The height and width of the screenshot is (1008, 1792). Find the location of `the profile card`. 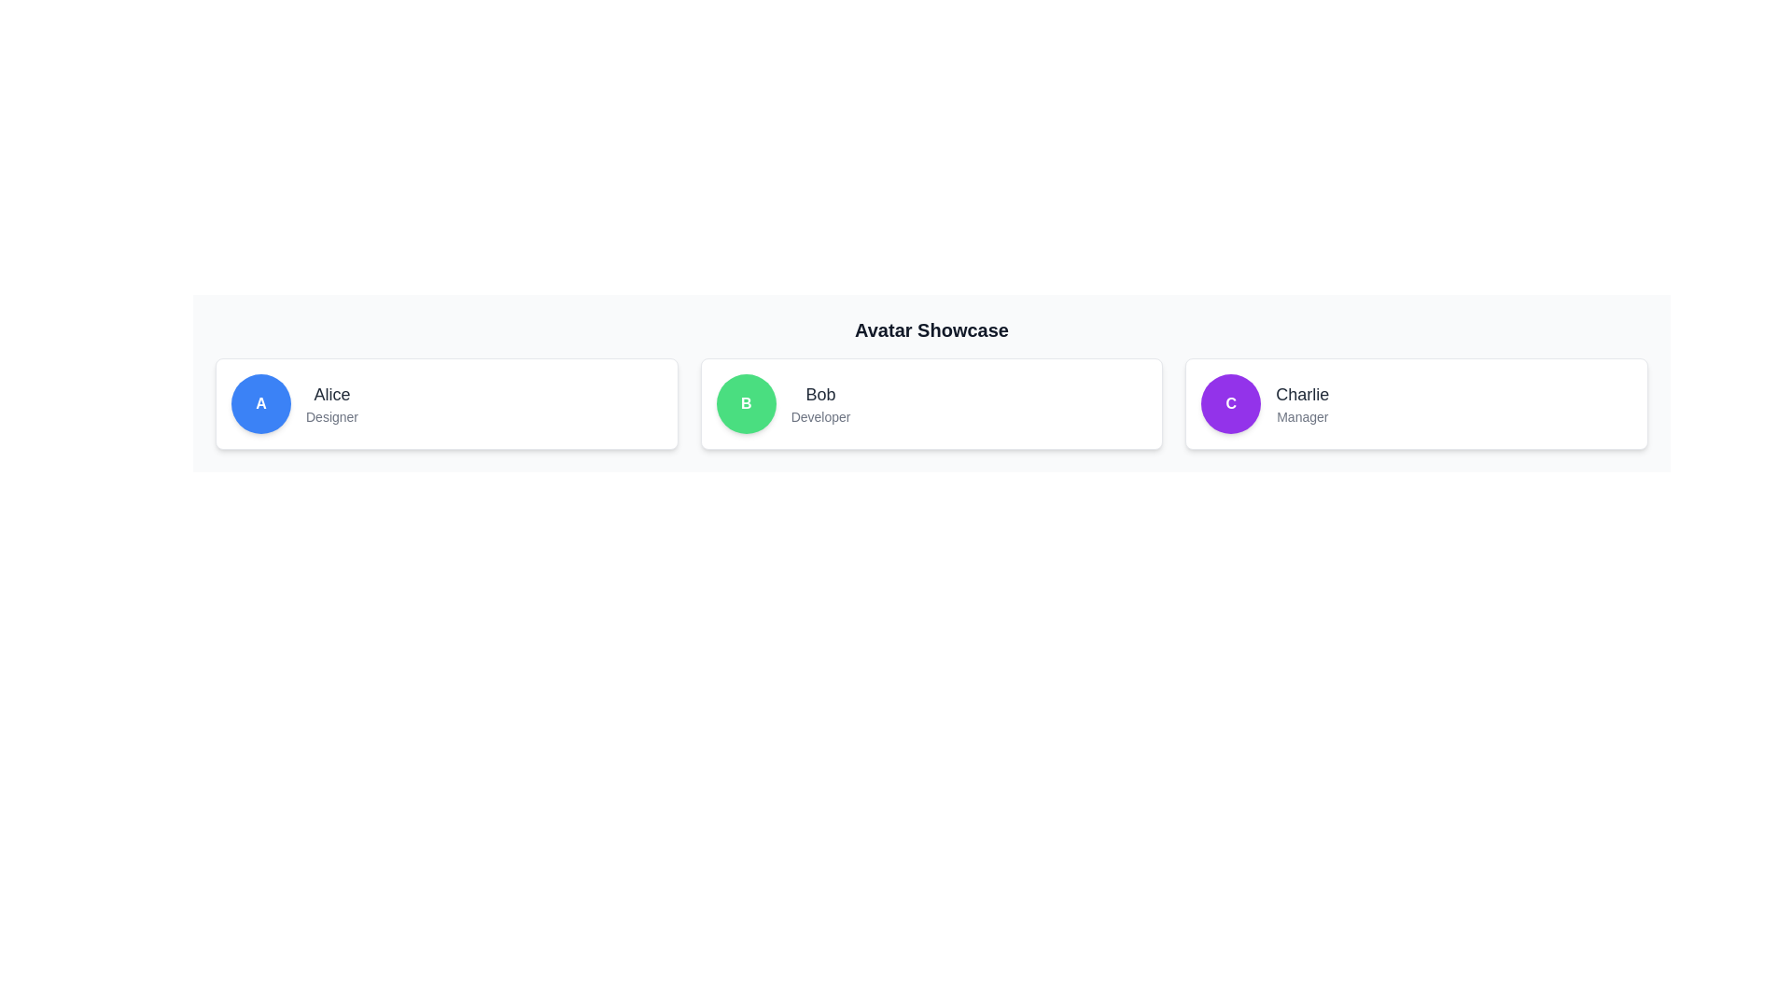

the profile card is located at coordinates (931, 402).